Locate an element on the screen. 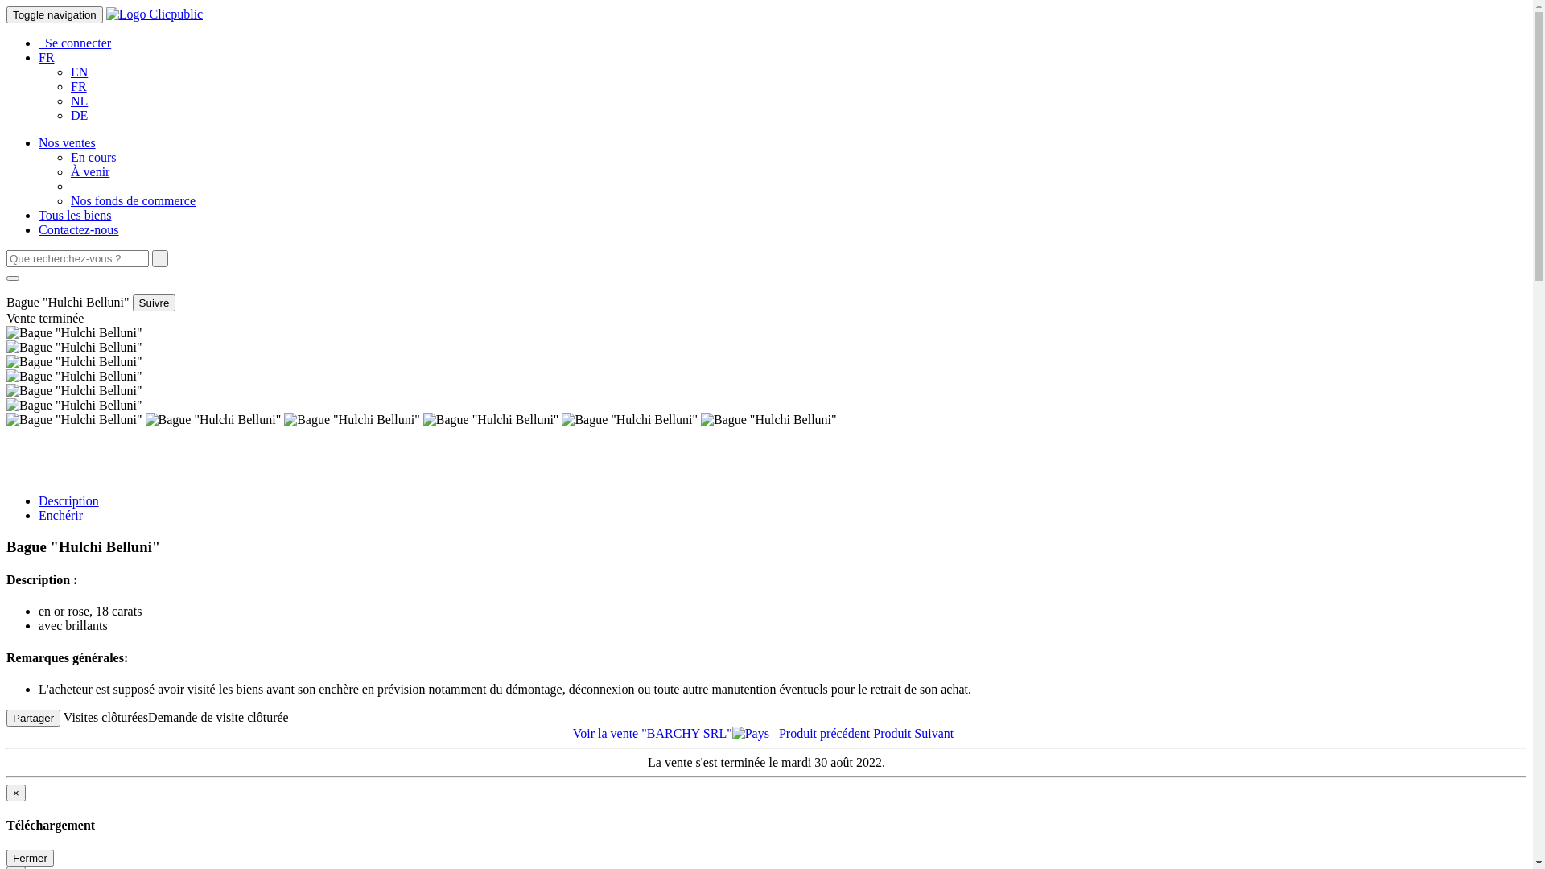 This screenshot has height=869, width=1545. 'Nos ventes' is located at coordinates (39, 142).